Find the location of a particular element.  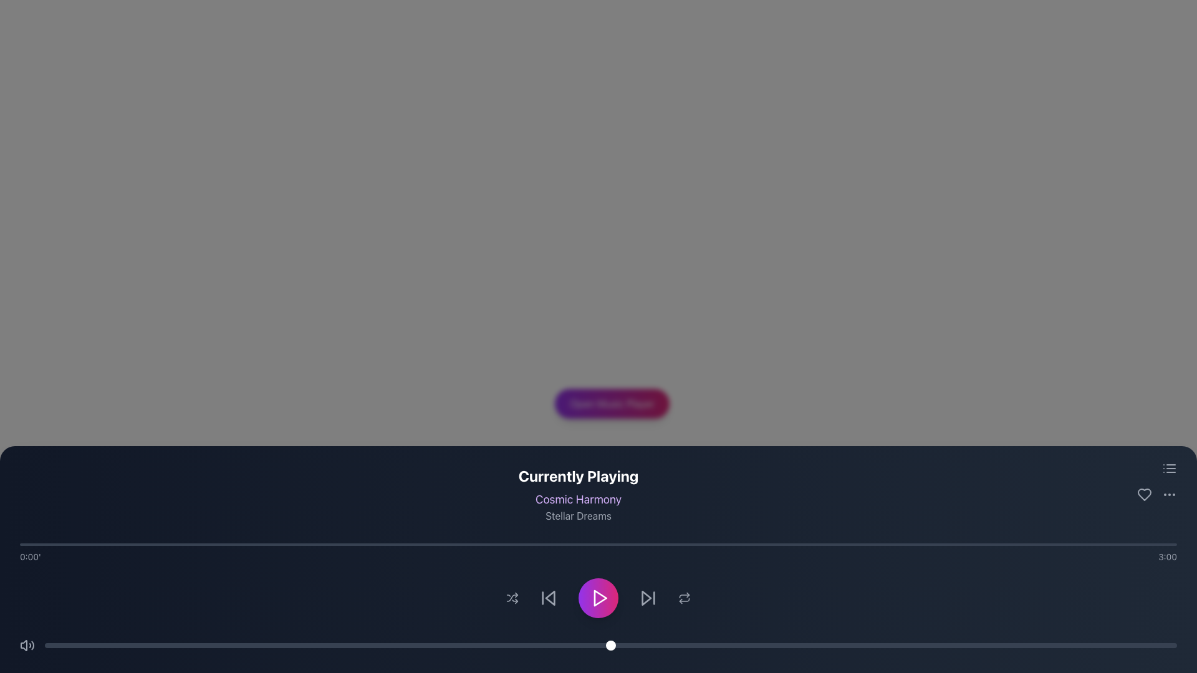

playback position is located at coordinates (534, 544).